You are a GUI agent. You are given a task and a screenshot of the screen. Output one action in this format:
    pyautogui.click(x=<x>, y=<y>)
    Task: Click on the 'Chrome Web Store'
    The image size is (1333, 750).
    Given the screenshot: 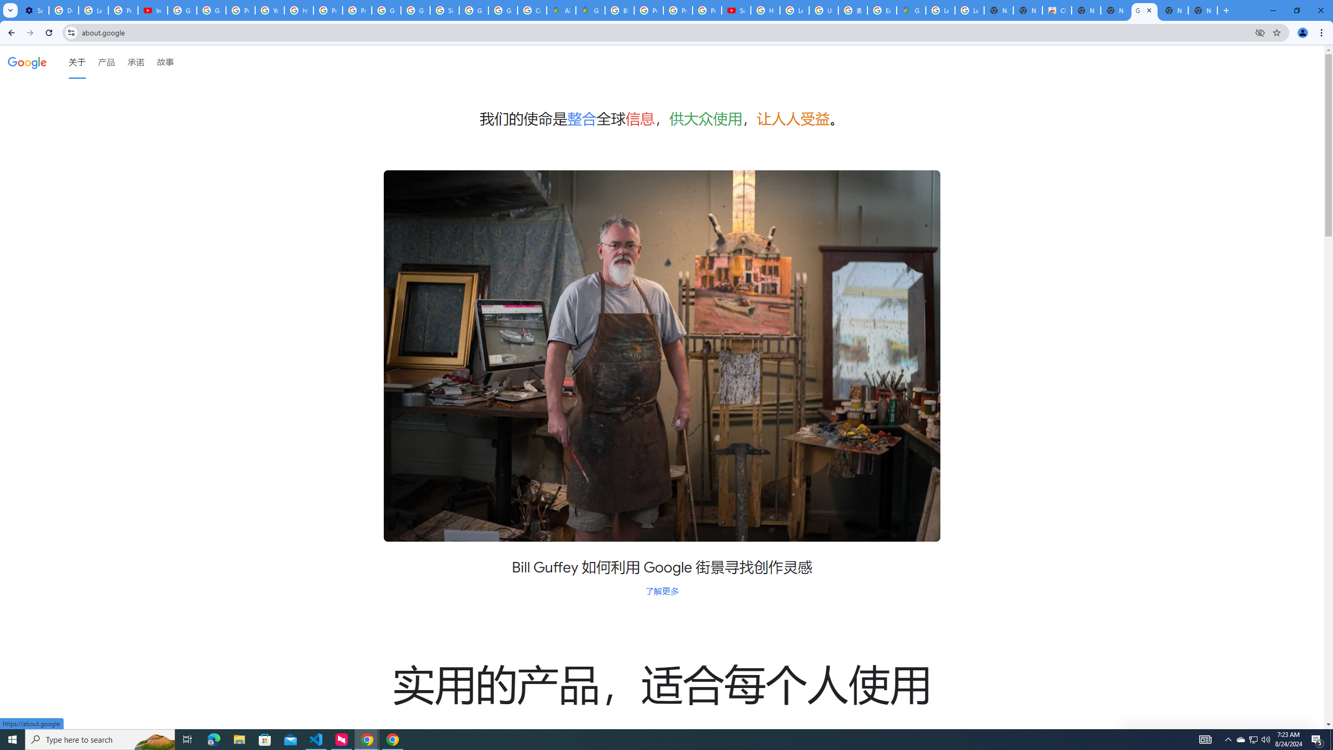 What is the action you would take?
    pyautogui.click(x=1057, y=10)
    